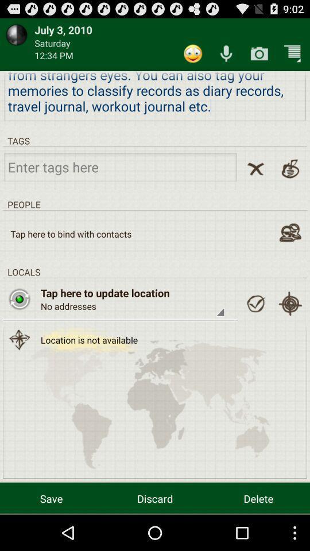 This screenshot has height=551, width=310. What do you see at coordinates (226, 53) in the screenshot?
I see `record entry` at bounding box center [226, 53].